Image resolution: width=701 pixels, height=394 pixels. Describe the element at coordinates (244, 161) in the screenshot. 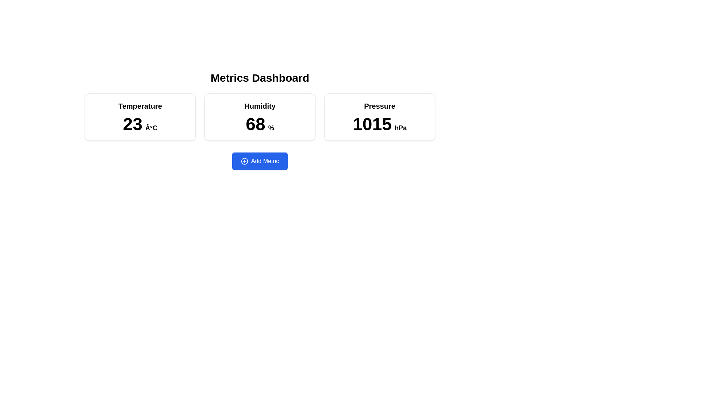

I see `the 'Add Metric' button by clicking on its graphical icon component, which is centrally located within the button` at that location.